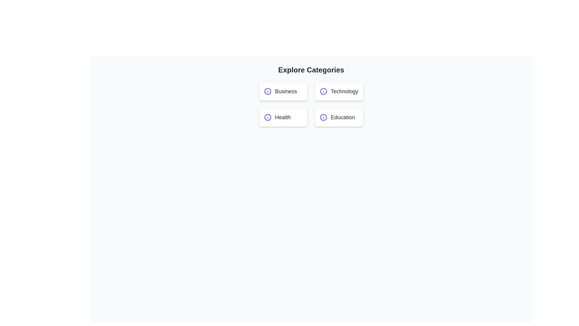  I want to click on the label displaying the name of a category in the top-right quadrant of the grid layout, specifically the second category in the top row, so click(344, 91).